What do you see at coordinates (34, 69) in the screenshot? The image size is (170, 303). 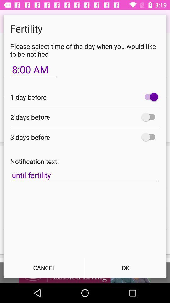 I see `the icon at the top left corner` at bounding box center [34, 69].